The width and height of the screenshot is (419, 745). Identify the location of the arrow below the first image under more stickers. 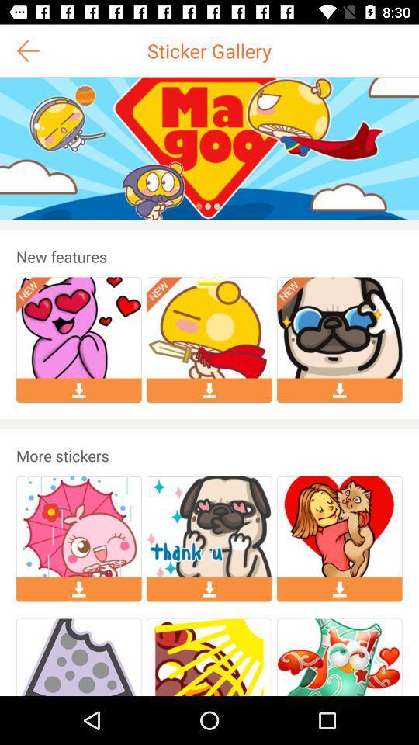
(79, 589).